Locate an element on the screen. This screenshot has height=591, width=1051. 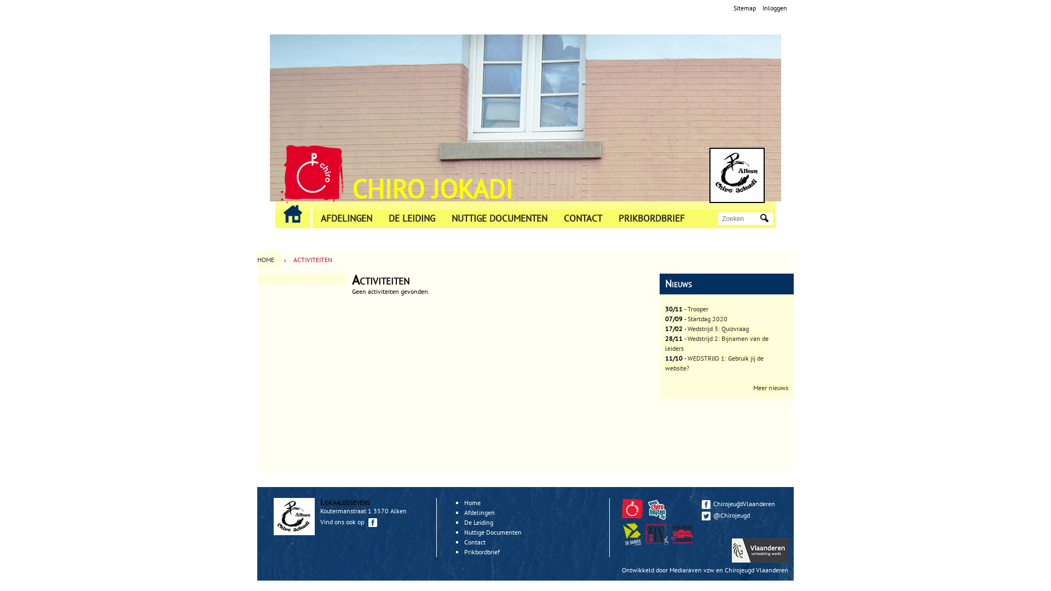
'Chirojeugd Vlaanderen' is located at coordinates (632, 509).